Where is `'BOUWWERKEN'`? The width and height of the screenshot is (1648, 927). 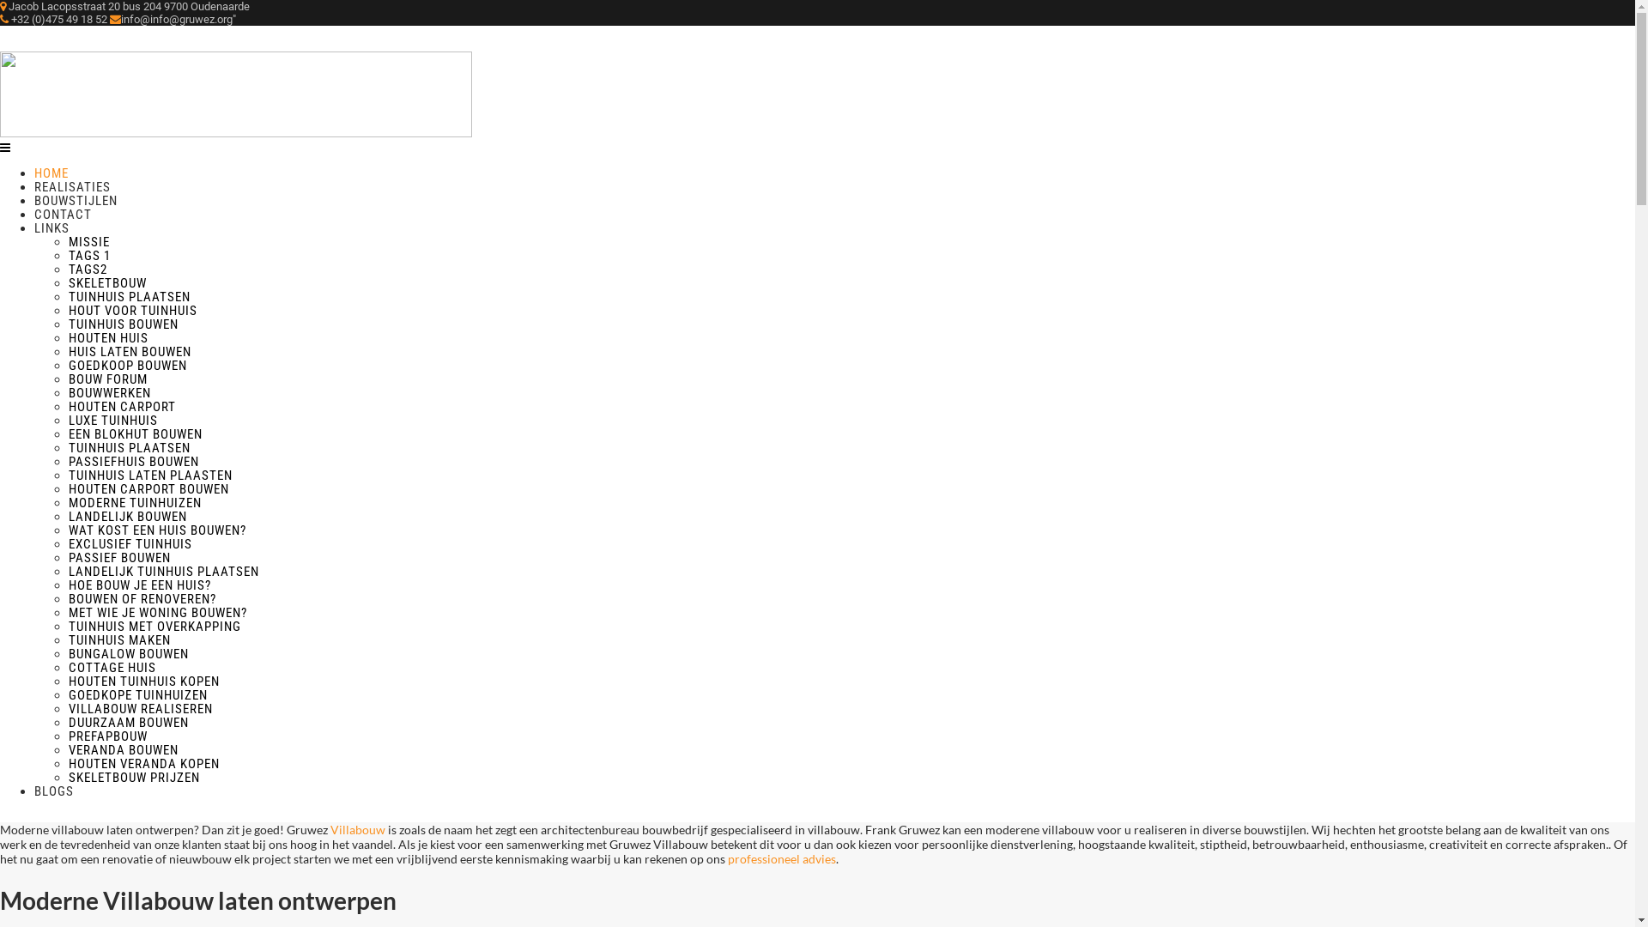
'BOUWWERKEN' is located at coordinates (109, 393).